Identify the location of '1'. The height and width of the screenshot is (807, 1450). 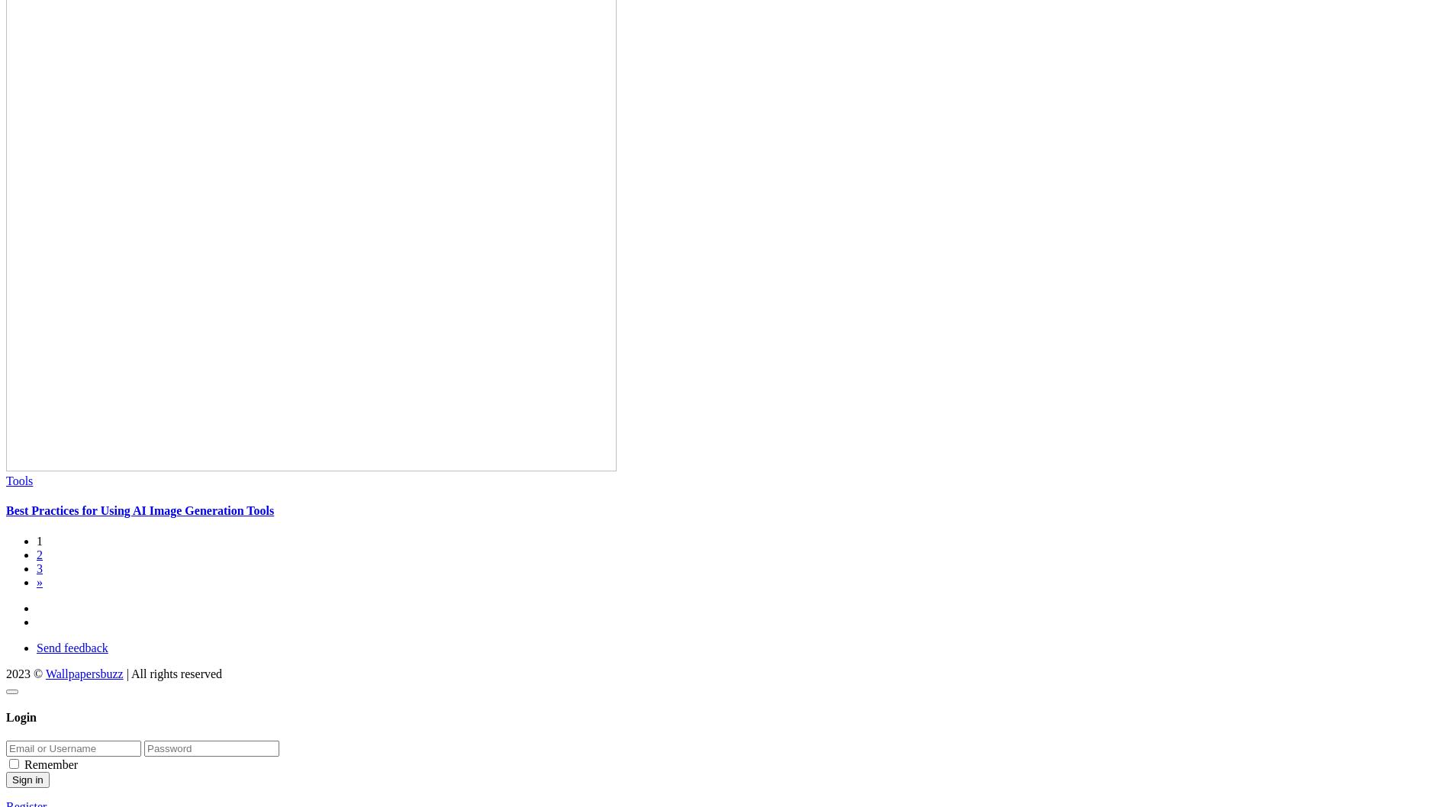
(40, 540).